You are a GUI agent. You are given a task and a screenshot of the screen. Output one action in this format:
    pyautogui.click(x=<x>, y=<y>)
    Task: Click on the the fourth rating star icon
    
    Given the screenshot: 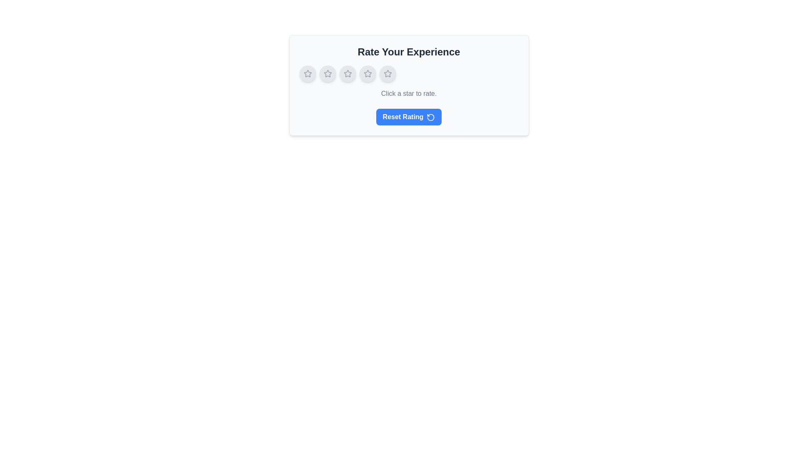 What is the action you would take?
    pyautogui.click(x=387, y=73)
    